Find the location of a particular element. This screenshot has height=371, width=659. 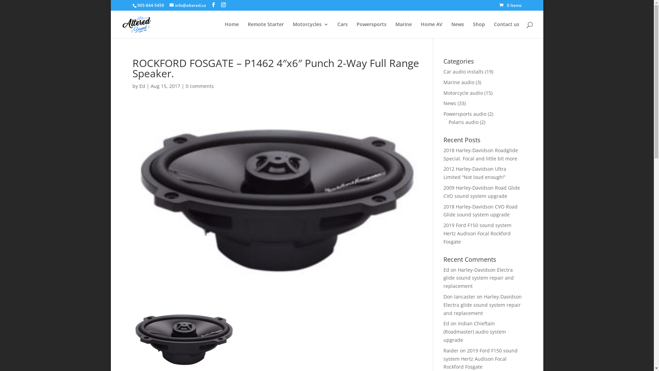

'Powersports' is located at coordinates (371, 30).